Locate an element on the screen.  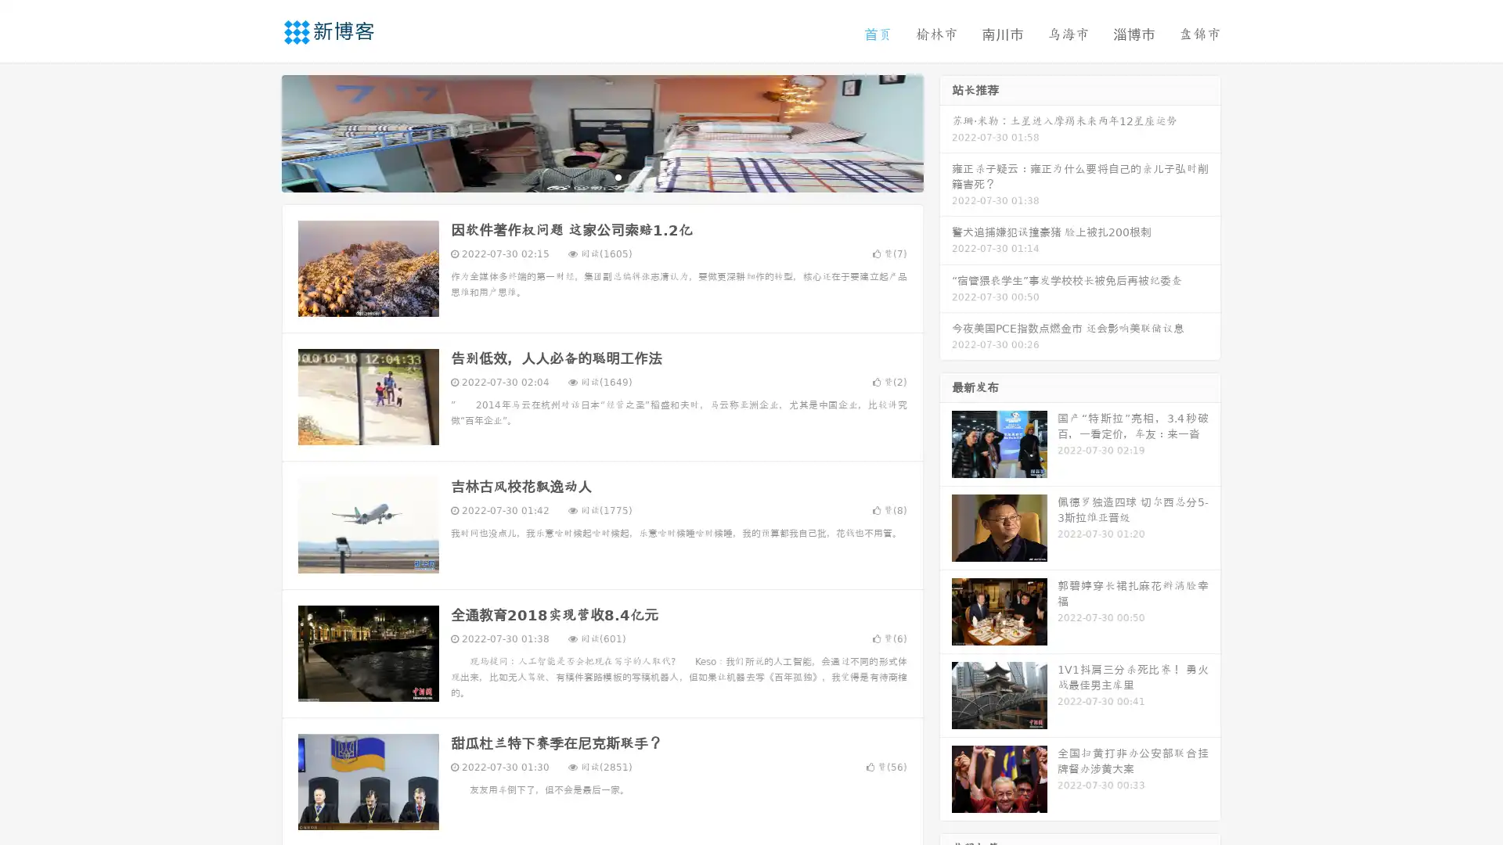
Go to slide 2 is located at coordinates (601, 176).